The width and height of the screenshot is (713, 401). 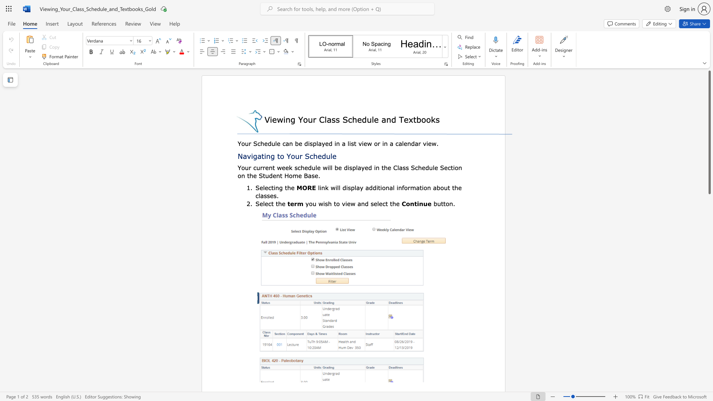 What do you see at coordinates (709, 378) in the screenshot?
I see `the scrollbar to move the page down` at bounding box center [709, 378].